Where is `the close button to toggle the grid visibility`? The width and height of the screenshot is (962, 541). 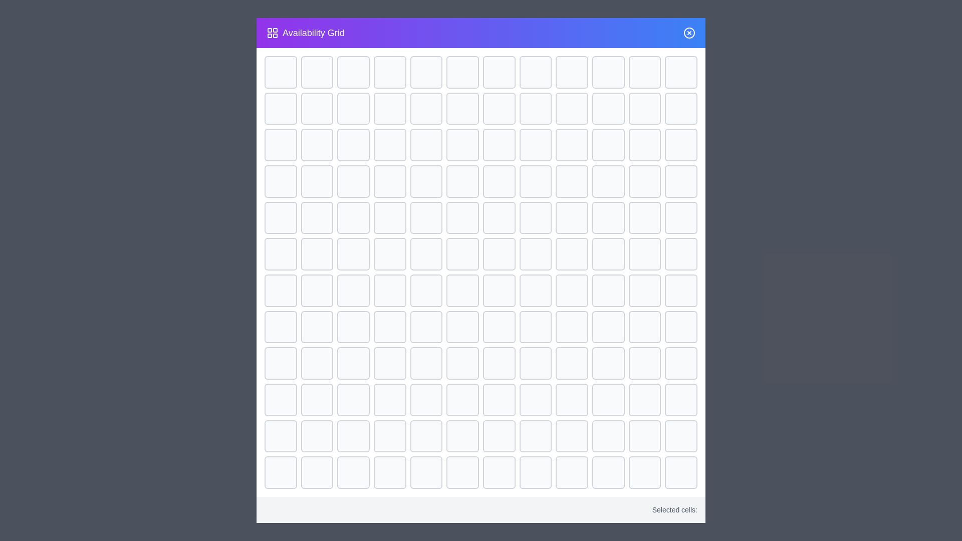 the close button to toggle the grid visibility is located at coordinates (689, 32).